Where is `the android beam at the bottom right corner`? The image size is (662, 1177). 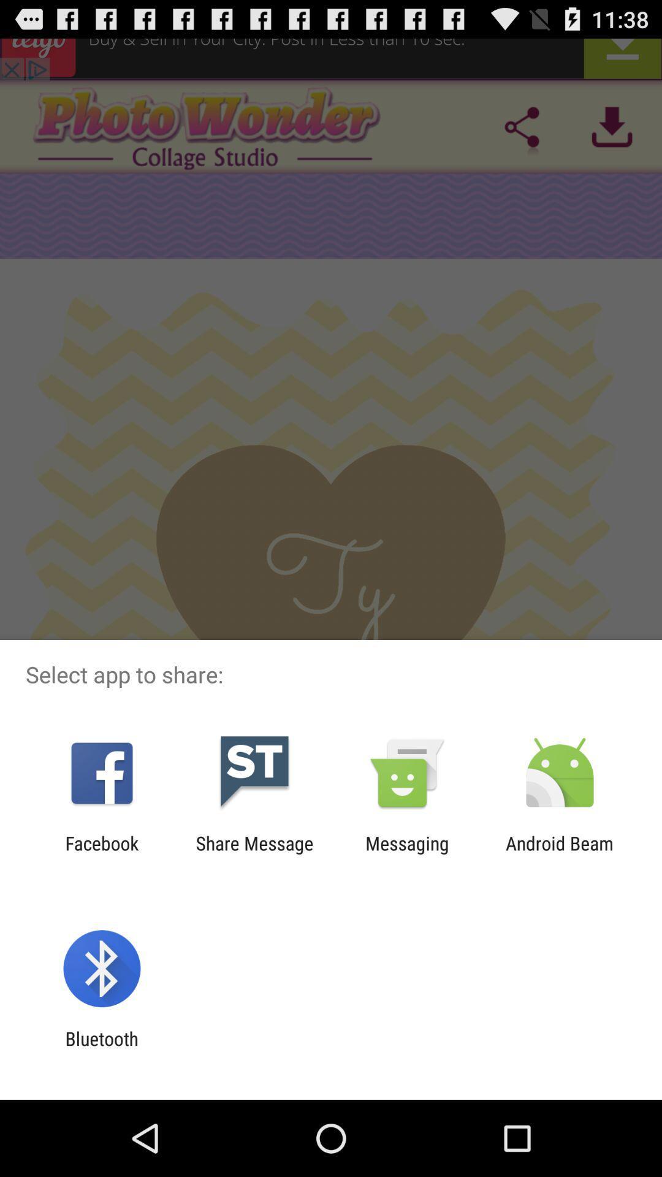
the android beam at the bottom right corner is located at coordinates (560, 853).